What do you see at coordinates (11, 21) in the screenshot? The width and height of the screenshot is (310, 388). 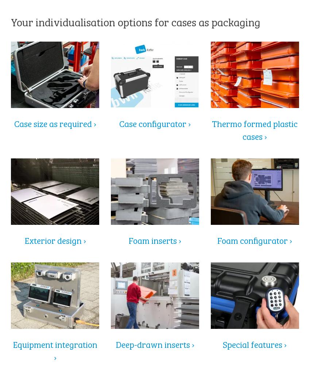 I see `'Your individualisation options for cases as packaging'` at bounding box center [11, 21].